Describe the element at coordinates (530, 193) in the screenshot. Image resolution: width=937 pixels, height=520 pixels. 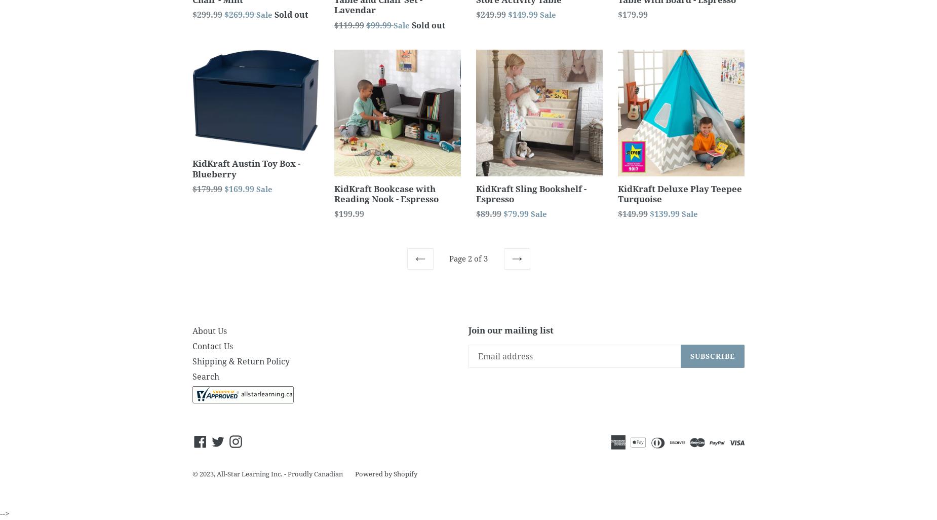
I see `'KidKraft Sling Bookshelf - Espresso'` at that location.